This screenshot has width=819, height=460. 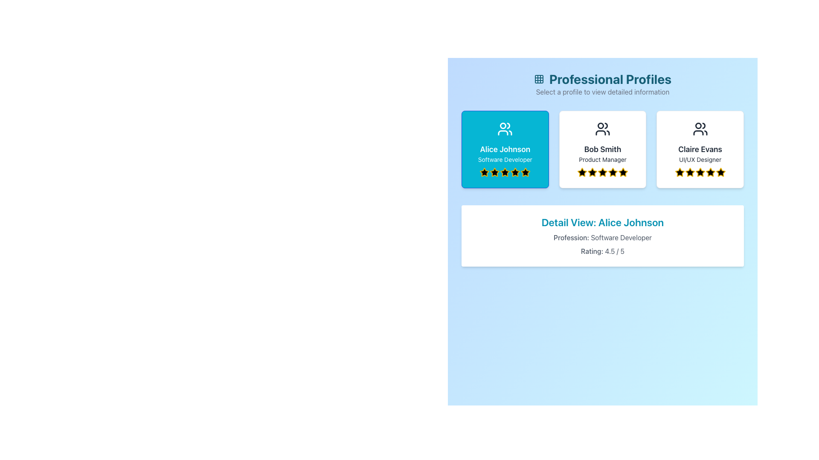 What do you see at coordinates (515, 172) in the screenshot?
I see `the last five-pointed star icon with a black fill and a yellow outline, located in the horizontal group of star icons below the name 'Alice Johnson' and 'Software Developer' designation` at bounding box center [515, 172].